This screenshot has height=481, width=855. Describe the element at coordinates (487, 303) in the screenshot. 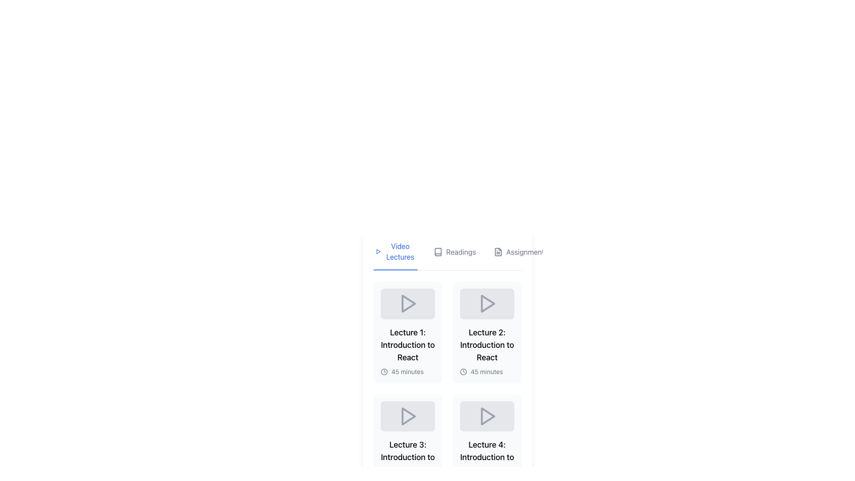

I see `the play icon button for the lecture titled 'Lecture 2: Introduction to React'` at that location.